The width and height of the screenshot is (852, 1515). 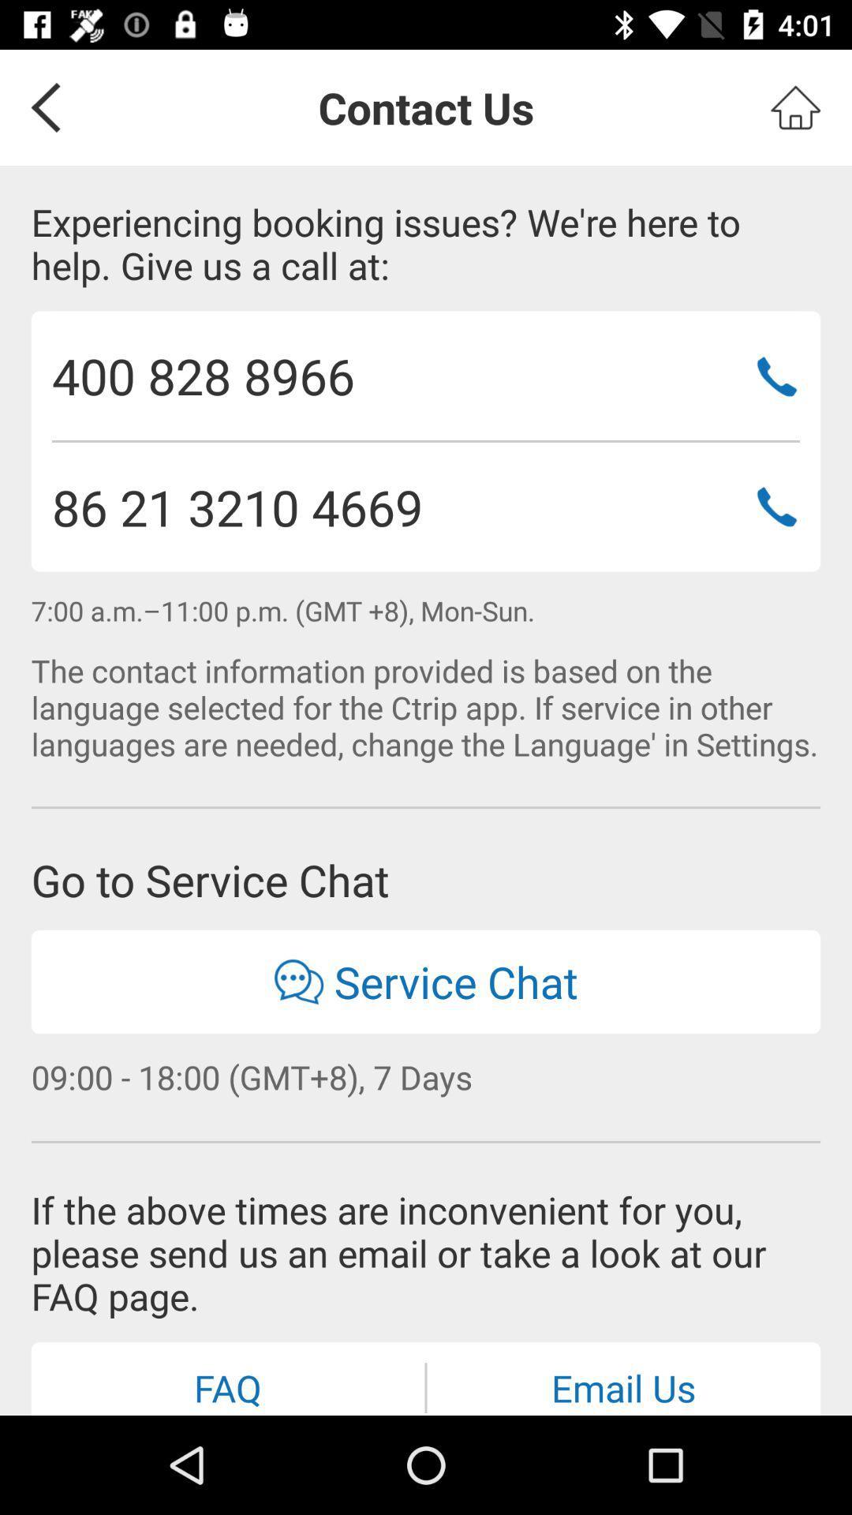 I want to click on the arrow_backward icon, so click(x=39, y=107).